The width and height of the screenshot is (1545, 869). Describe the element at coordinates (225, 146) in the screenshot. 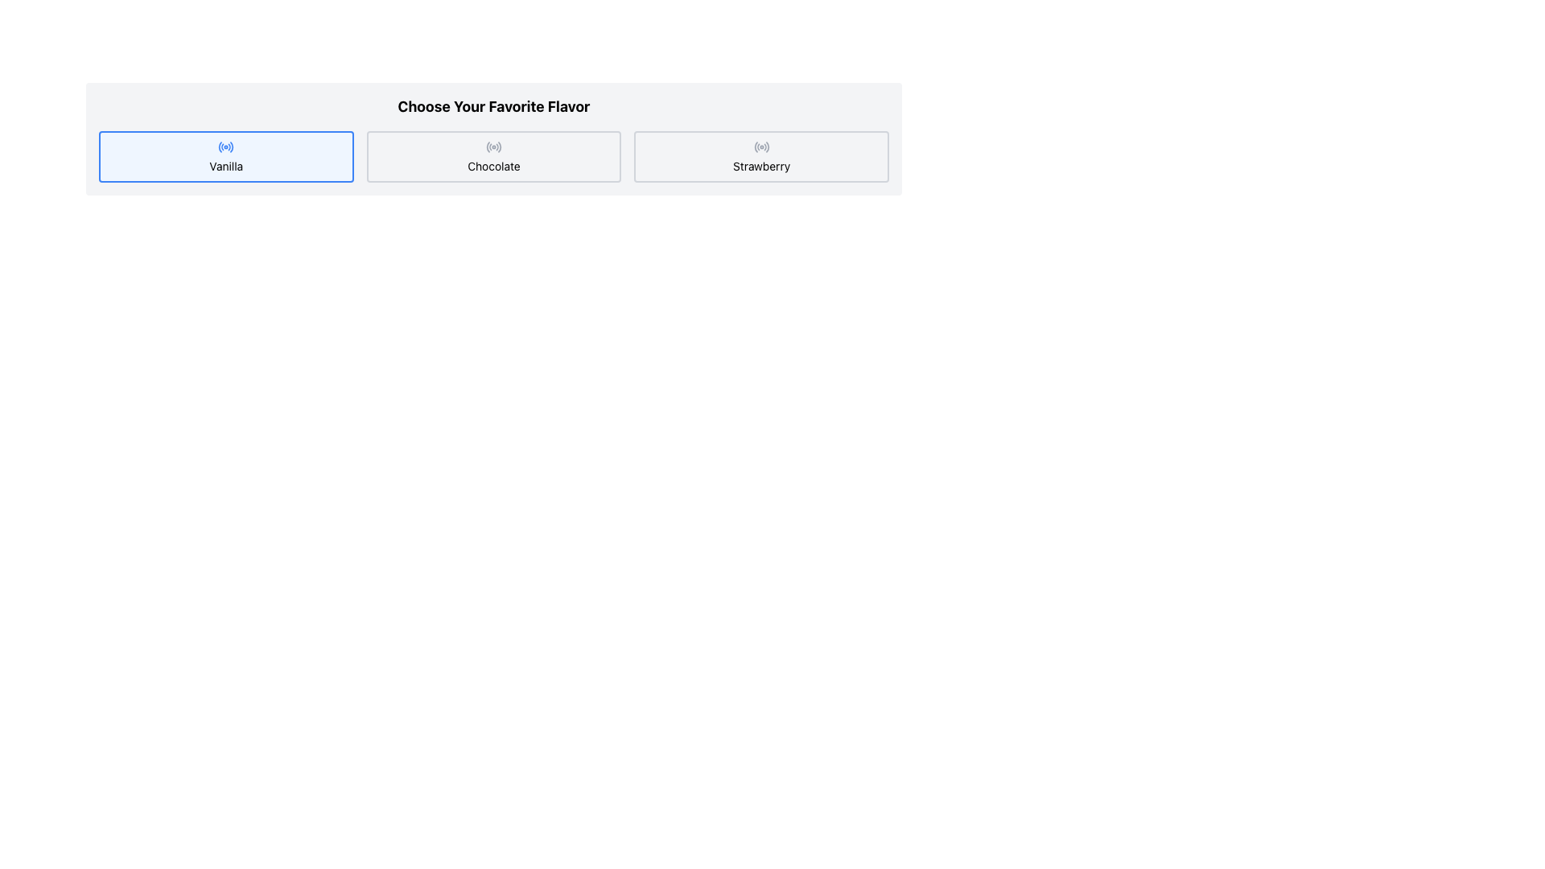

I see `the circular radiating blue icon located at the center-top of the button labeled 'Vanilla.'` at that location.